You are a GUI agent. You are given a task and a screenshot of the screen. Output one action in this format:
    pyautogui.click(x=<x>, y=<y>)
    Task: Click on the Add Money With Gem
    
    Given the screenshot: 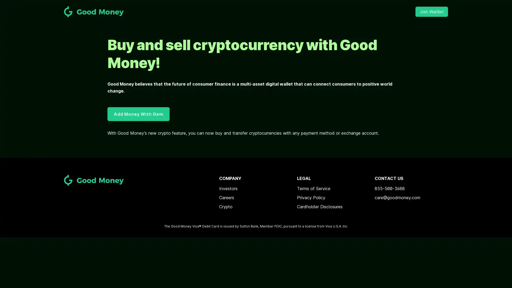 What is the action you would take?
    pyautogui.click(x=138, y=114)
    